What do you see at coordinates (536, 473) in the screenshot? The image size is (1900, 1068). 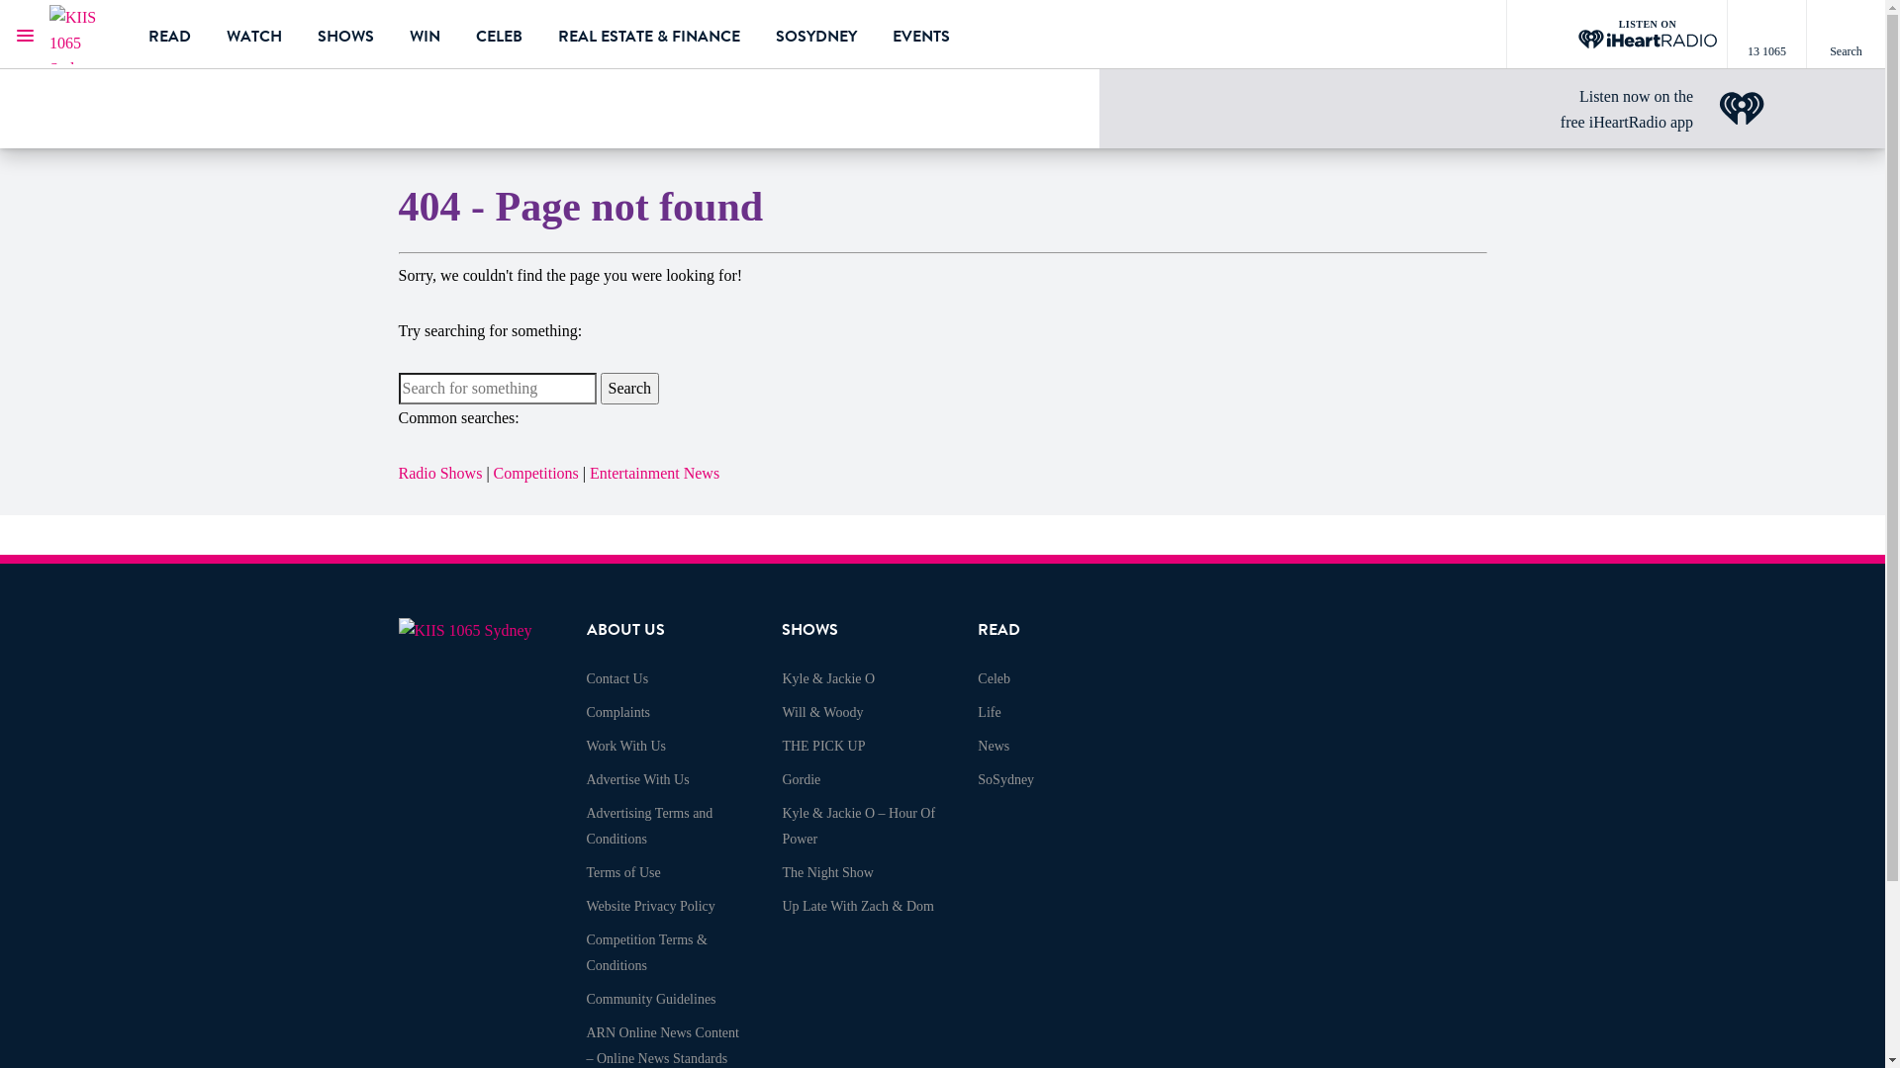 I see `'Competitions'` at bounding box center [536, 473].